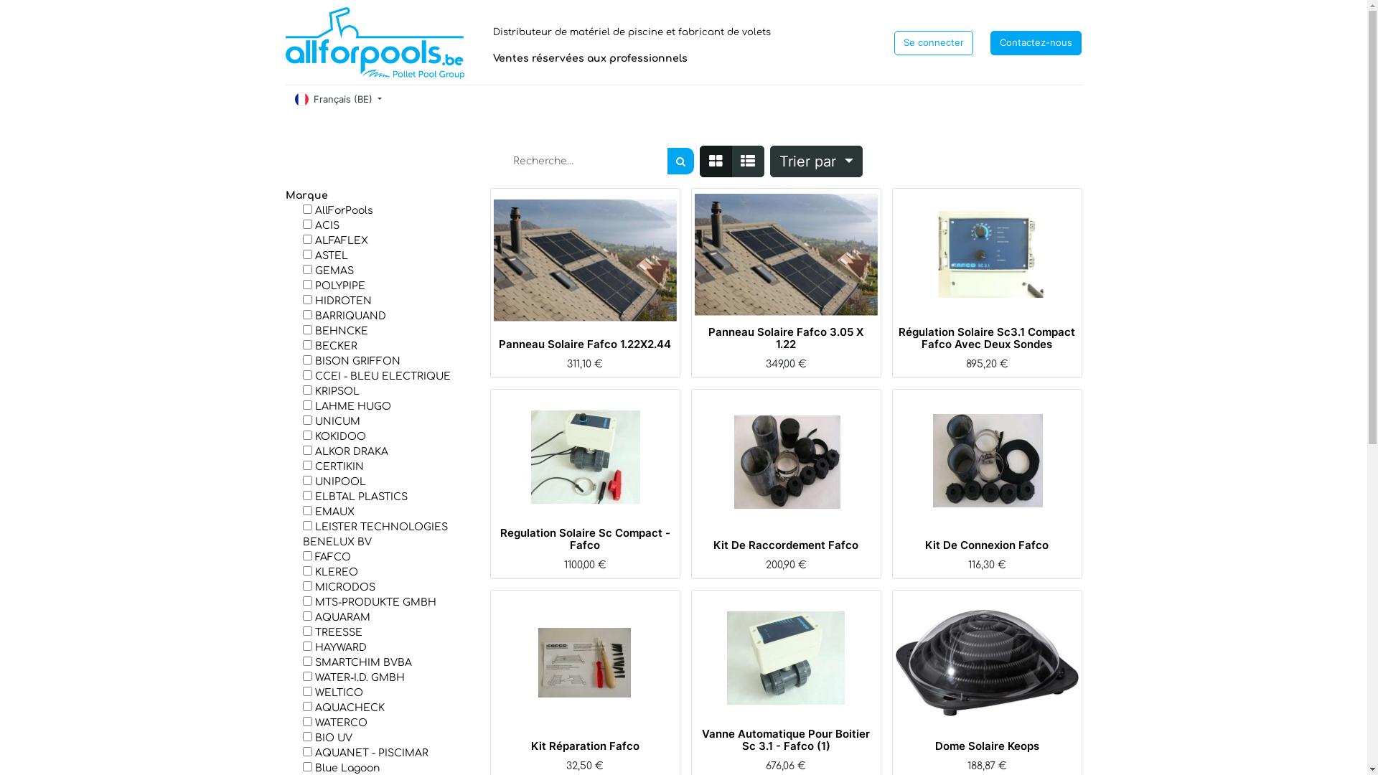 The image size is (1378, 775). I want to click on 'Regulation Solaire Sc Compact - Fafco', so click(584, 539).